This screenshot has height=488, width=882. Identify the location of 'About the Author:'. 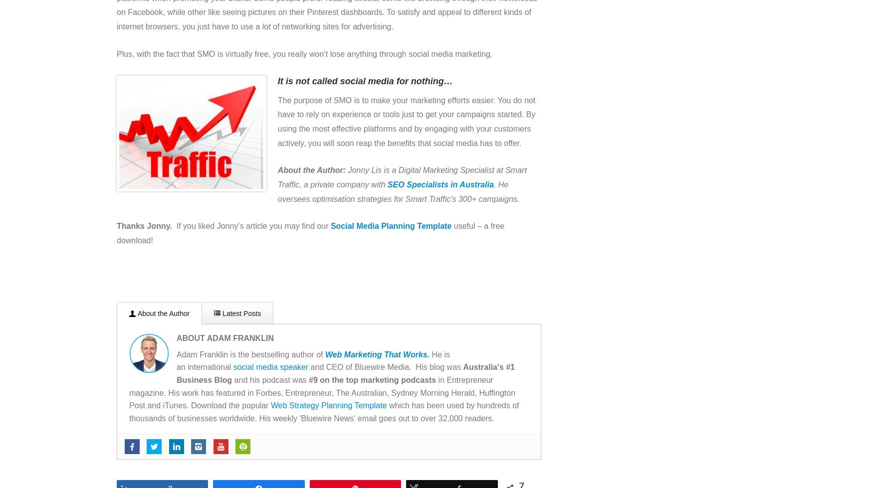
(312, 170).